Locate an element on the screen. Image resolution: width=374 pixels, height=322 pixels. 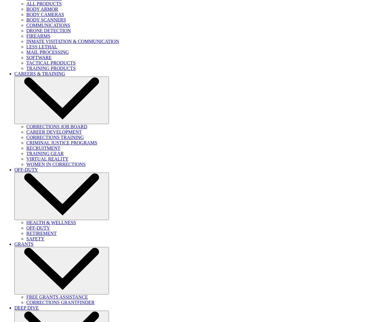
'RETIREMENT' is located at coordinates (41, 233).